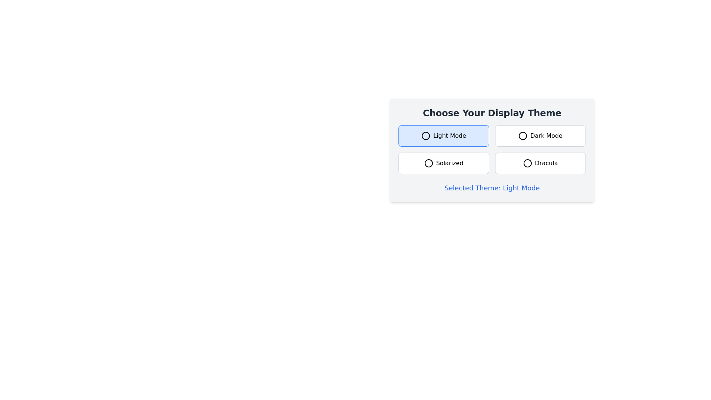 This screenshot has height=400, width=711. I want to click on the 'Solarized' button, which is a rectangular button with rounded corners, a white background, and a thin gray border containing a circle icon on the left and the text 'Solarized' centered within it, so click(444, 163).